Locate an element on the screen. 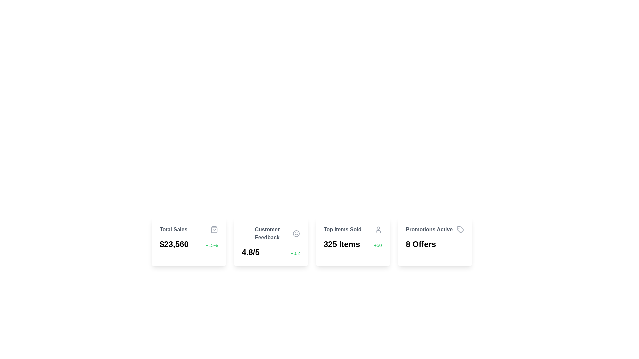  the Text Label displaying '+15%' in green color, which is located to the right of the larger value label '$23,560' within the 'Total Sales' card is located at coordinates (211, 245).